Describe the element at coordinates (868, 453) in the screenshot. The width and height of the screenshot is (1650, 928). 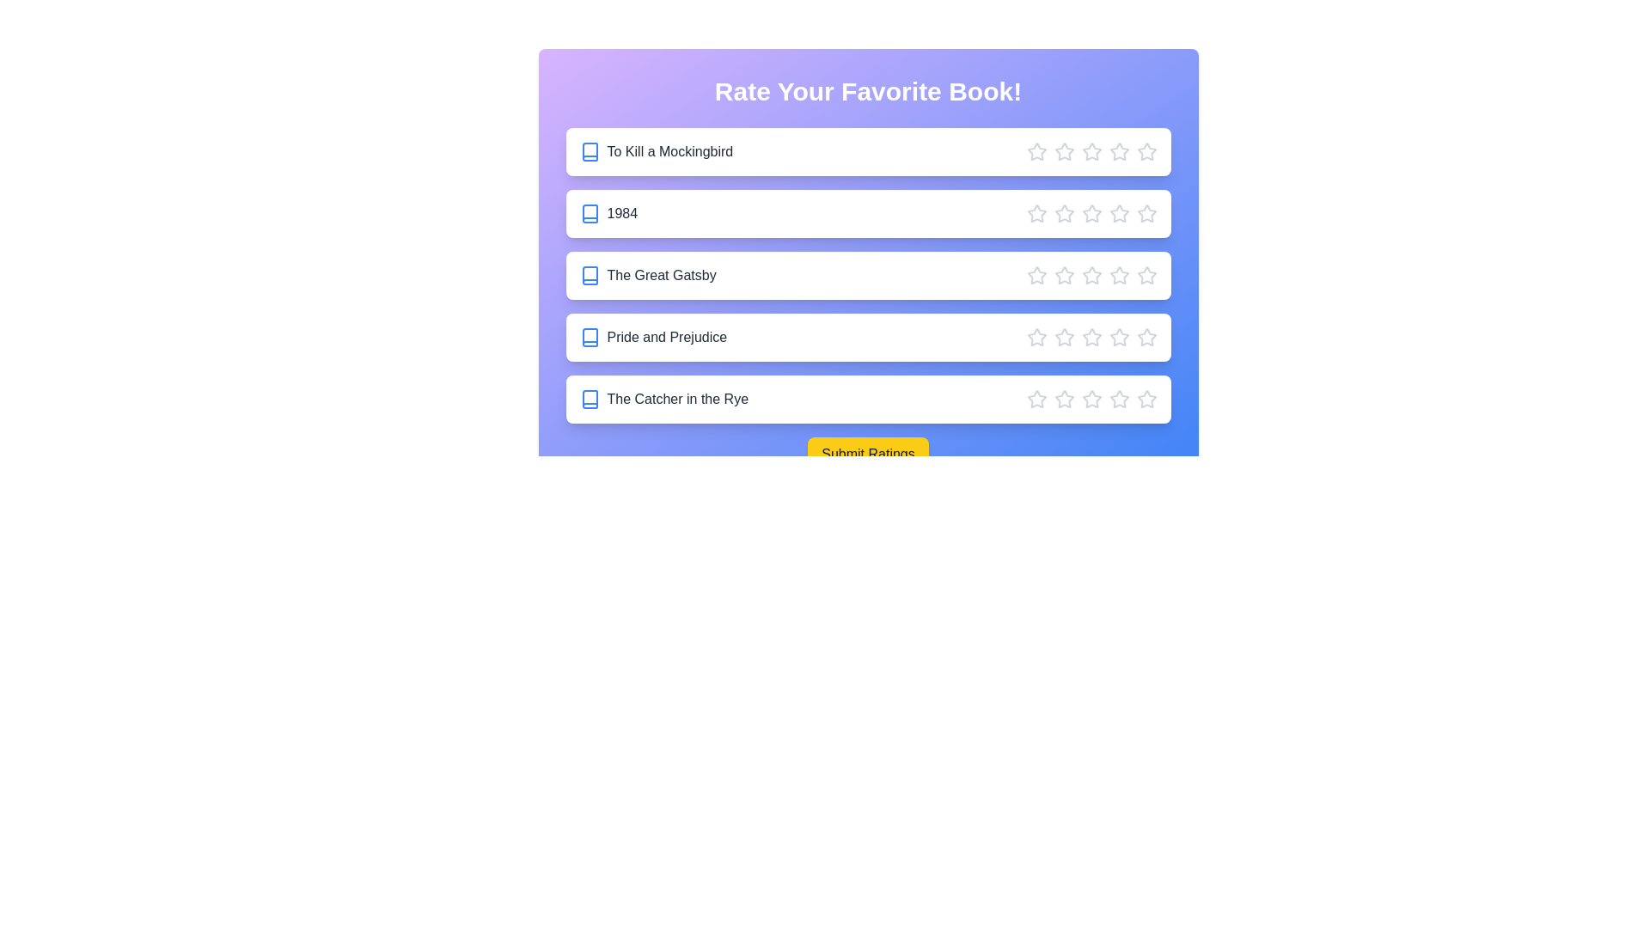
I see `the submit button to finalize the ratings` at that location.